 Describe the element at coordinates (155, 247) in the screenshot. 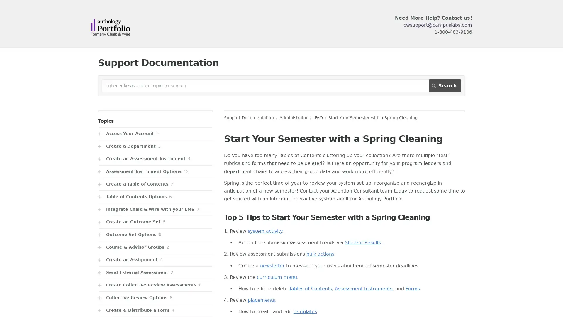

I see `Course & Advisor Groups 2` at that location.